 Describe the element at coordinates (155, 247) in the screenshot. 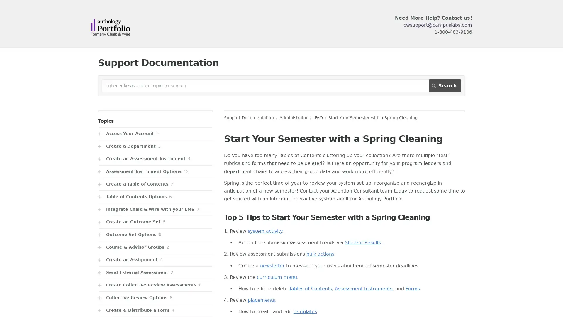

I see `Course & Advisor Groups 2` at that location.